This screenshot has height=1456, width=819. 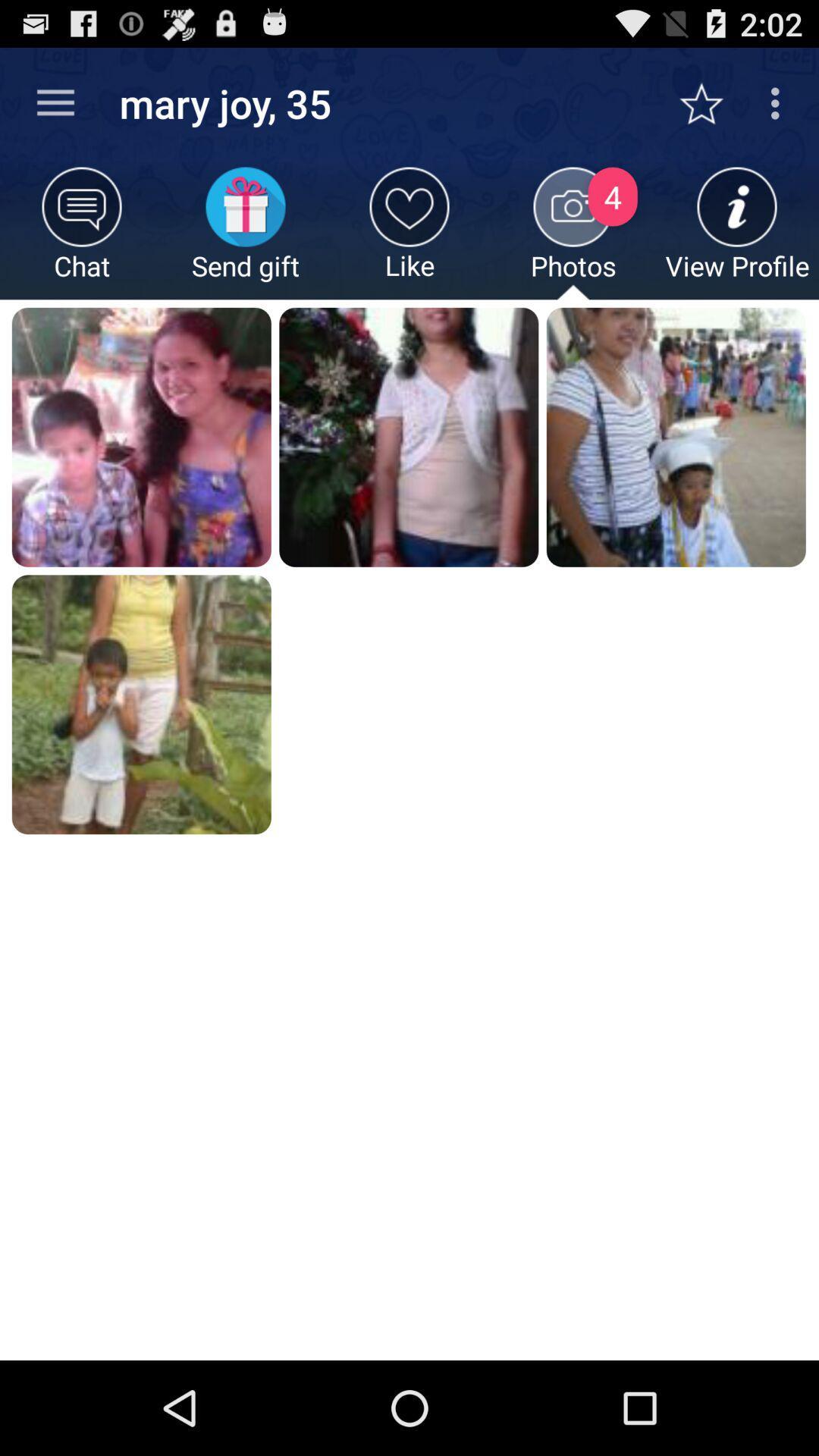 I want to click on app to the right of mary joy, 35 app, so click(x=709, y=102).